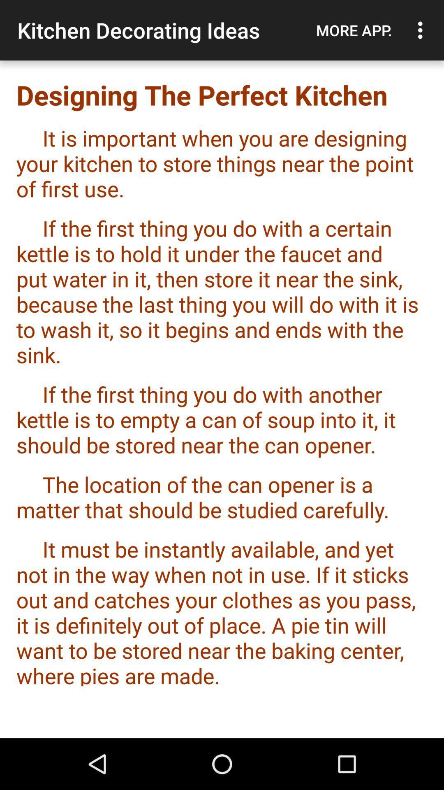  What do you see at coordinates (354, 30) in the screenshot?
I see `more app. icon` at bounding box center [354, 30].